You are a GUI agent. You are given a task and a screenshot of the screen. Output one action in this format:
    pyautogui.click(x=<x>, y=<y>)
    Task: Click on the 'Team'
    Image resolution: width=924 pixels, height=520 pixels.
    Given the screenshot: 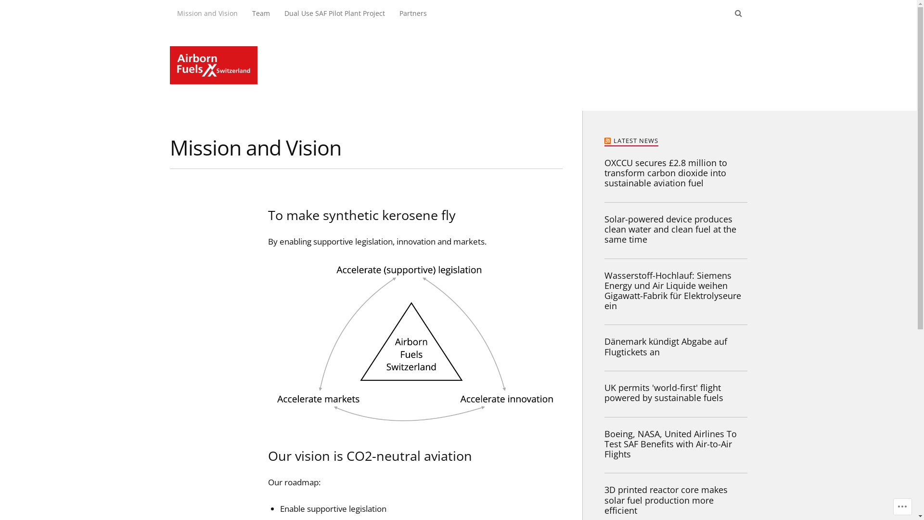 What is the action you would take?
    pyautogui.click(x=260, y=13)
    